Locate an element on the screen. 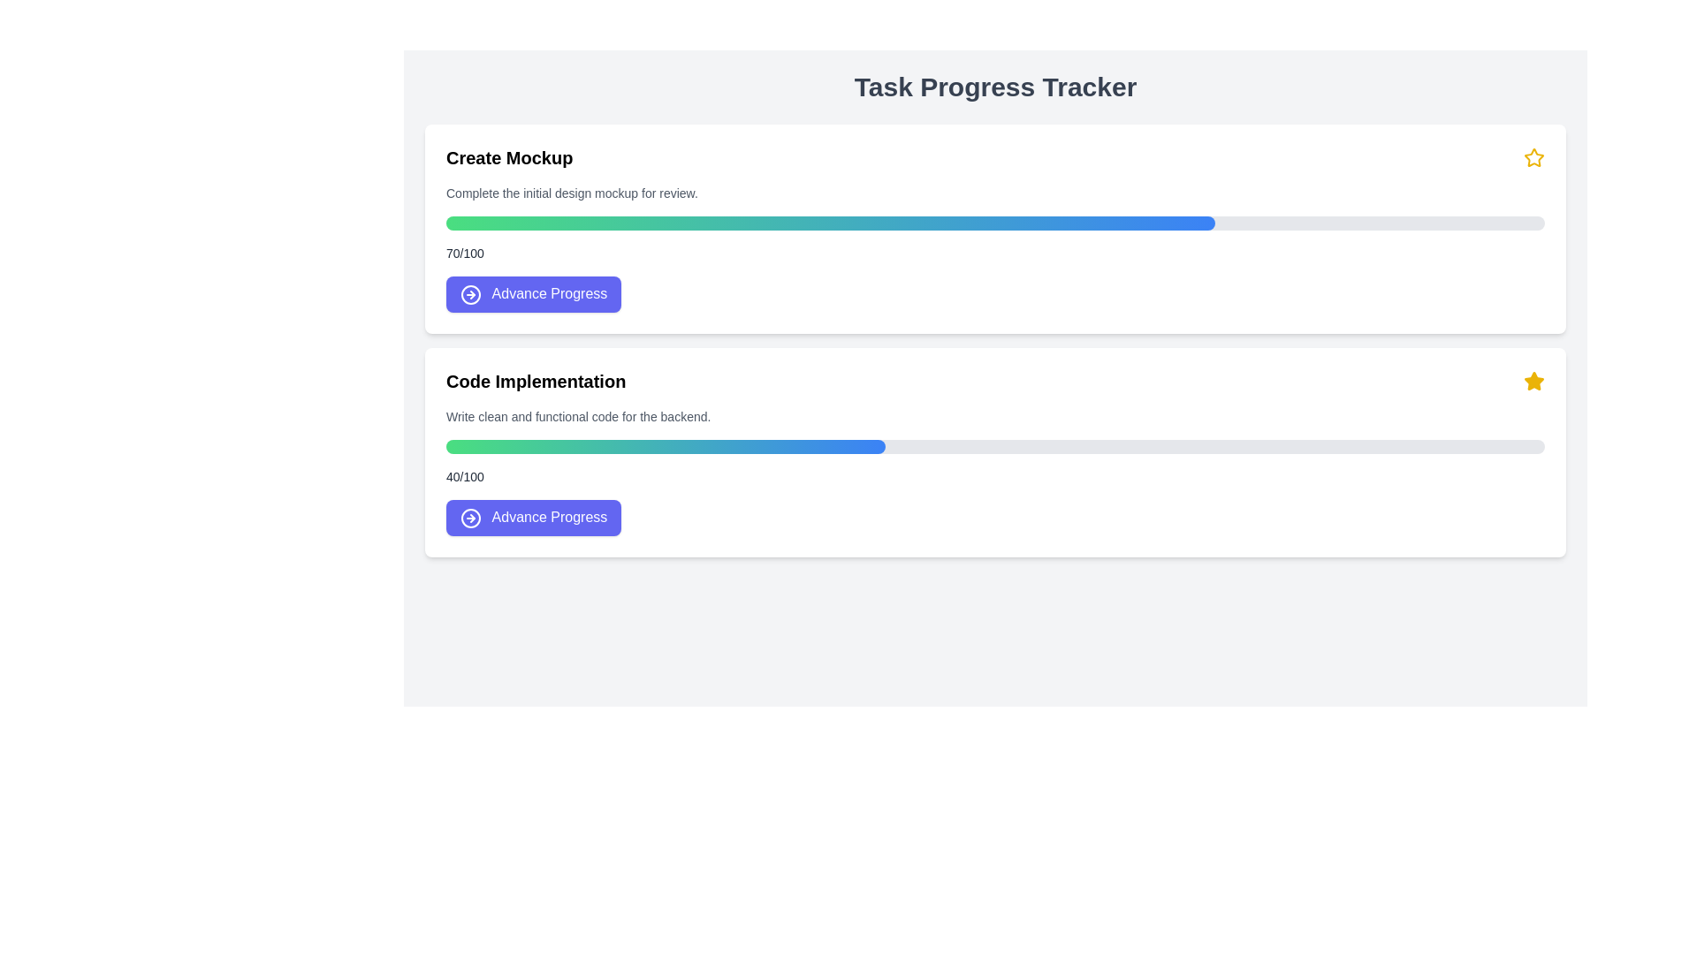 The height and width of the screenshot is (954, 1697). the button within the 'Create Mockup' task card, located below the progress bar and progress score text ('70/100'), to change its appearance is located at coordinates (533, 293).